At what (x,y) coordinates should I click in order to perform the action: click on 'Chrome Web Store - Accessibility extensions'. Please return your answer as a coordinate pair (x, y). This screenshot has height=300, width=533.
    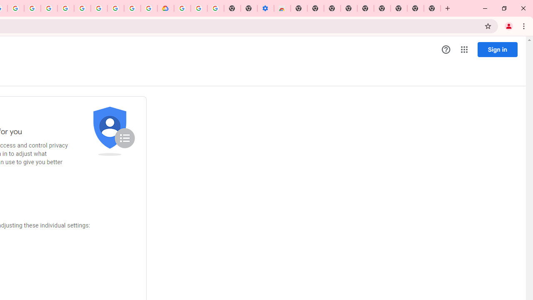
    Looking at the image, I should click on (282, 8).